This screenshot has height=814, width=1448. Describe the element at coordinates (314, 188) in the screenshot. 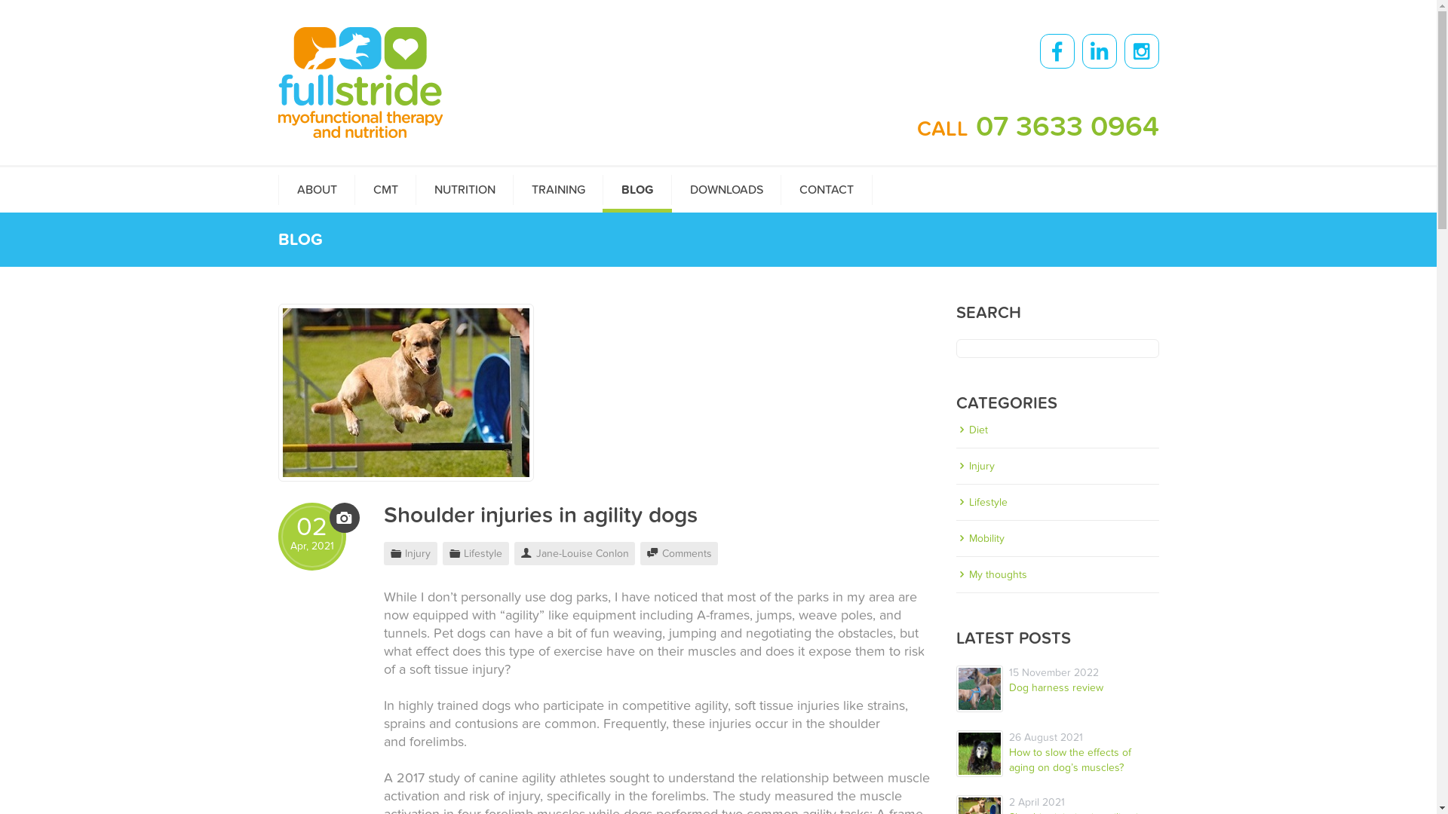

I see `'ABOUT'` at that location.